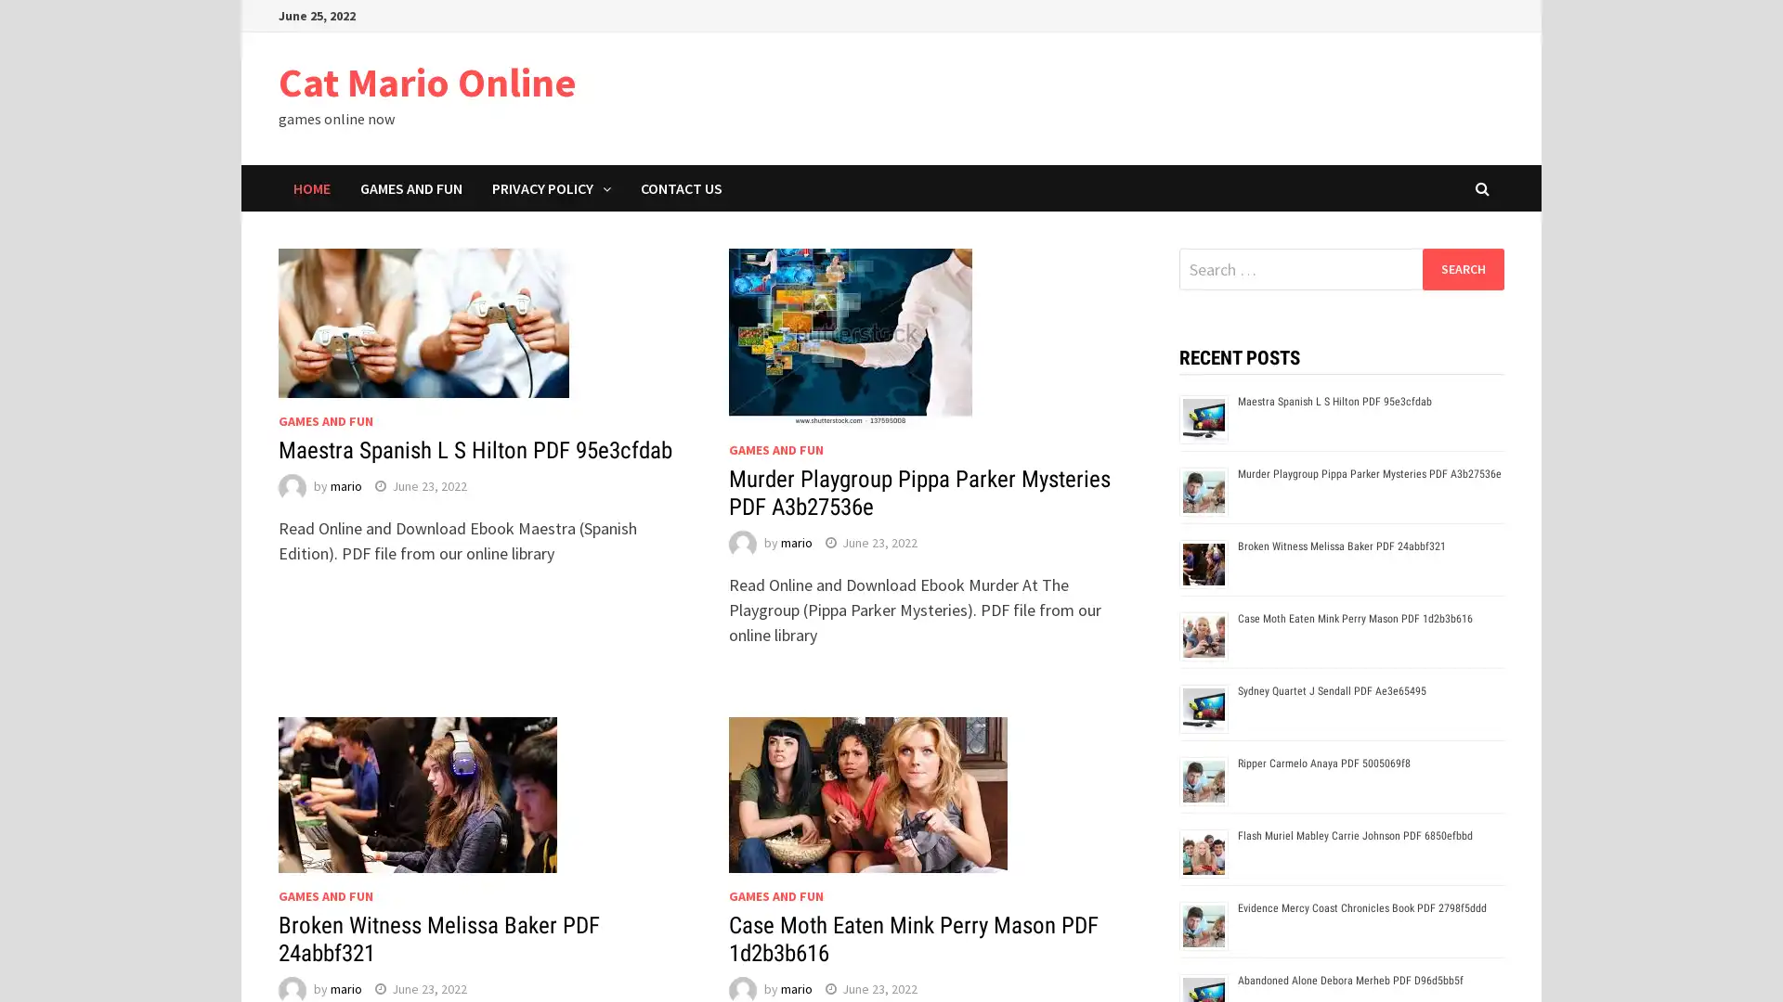 This screenshot has width=1783, height=1002. What do you see at coordinates (1462, 268) in the screenshot?
I see `Search` at bounding box center [1462, 268].